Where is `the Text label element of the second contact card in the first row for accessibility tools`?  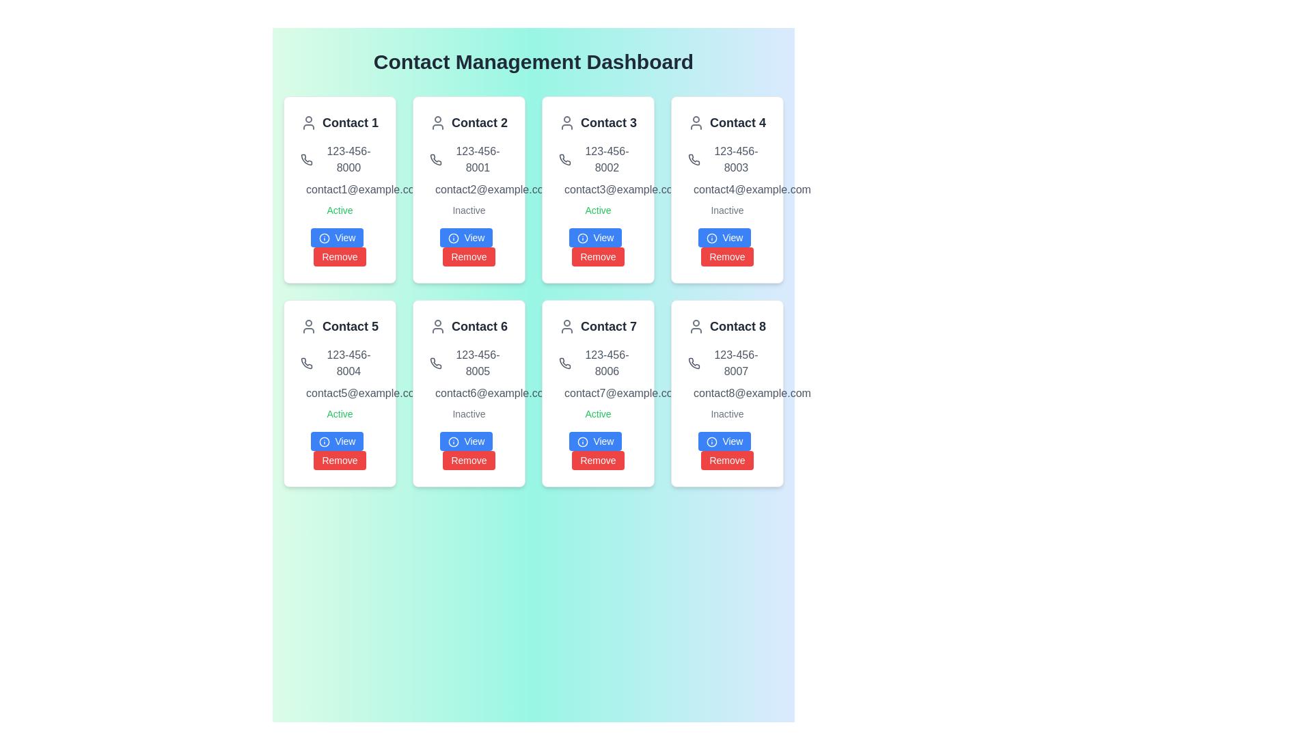
the Text label element of the second contact card in the first row for accessibility tools is located at coordinates (479, 123).